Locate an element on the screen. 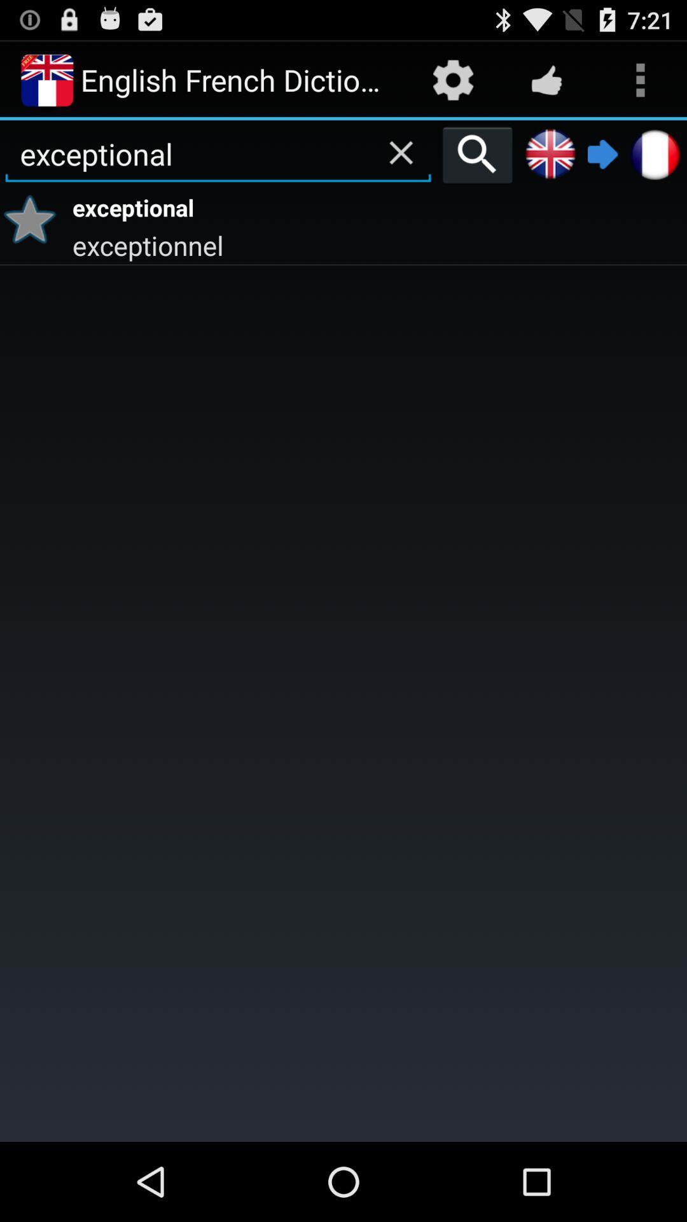 This screenshot has width=687, height=1222. app next to the english french dictionary item is located at coordinates (452, 79).